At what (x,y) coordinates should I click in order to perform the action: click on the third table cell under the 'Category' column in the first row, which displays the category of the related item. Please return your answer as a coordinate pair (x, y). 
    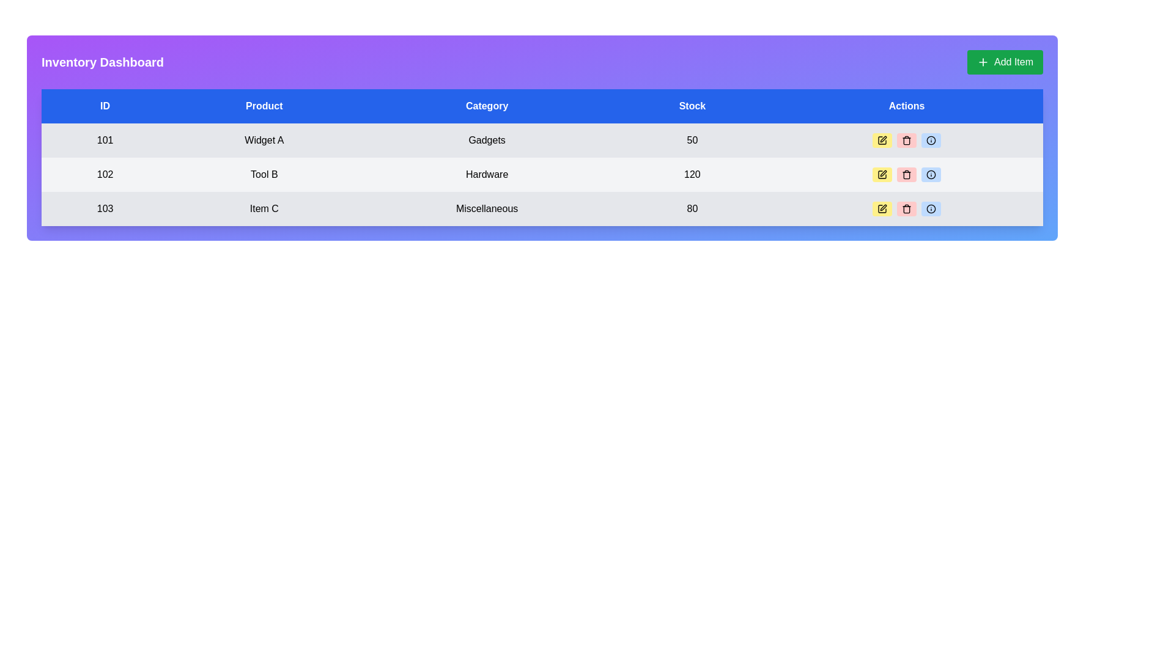
    Looking at the image, I should click on (486, 140).